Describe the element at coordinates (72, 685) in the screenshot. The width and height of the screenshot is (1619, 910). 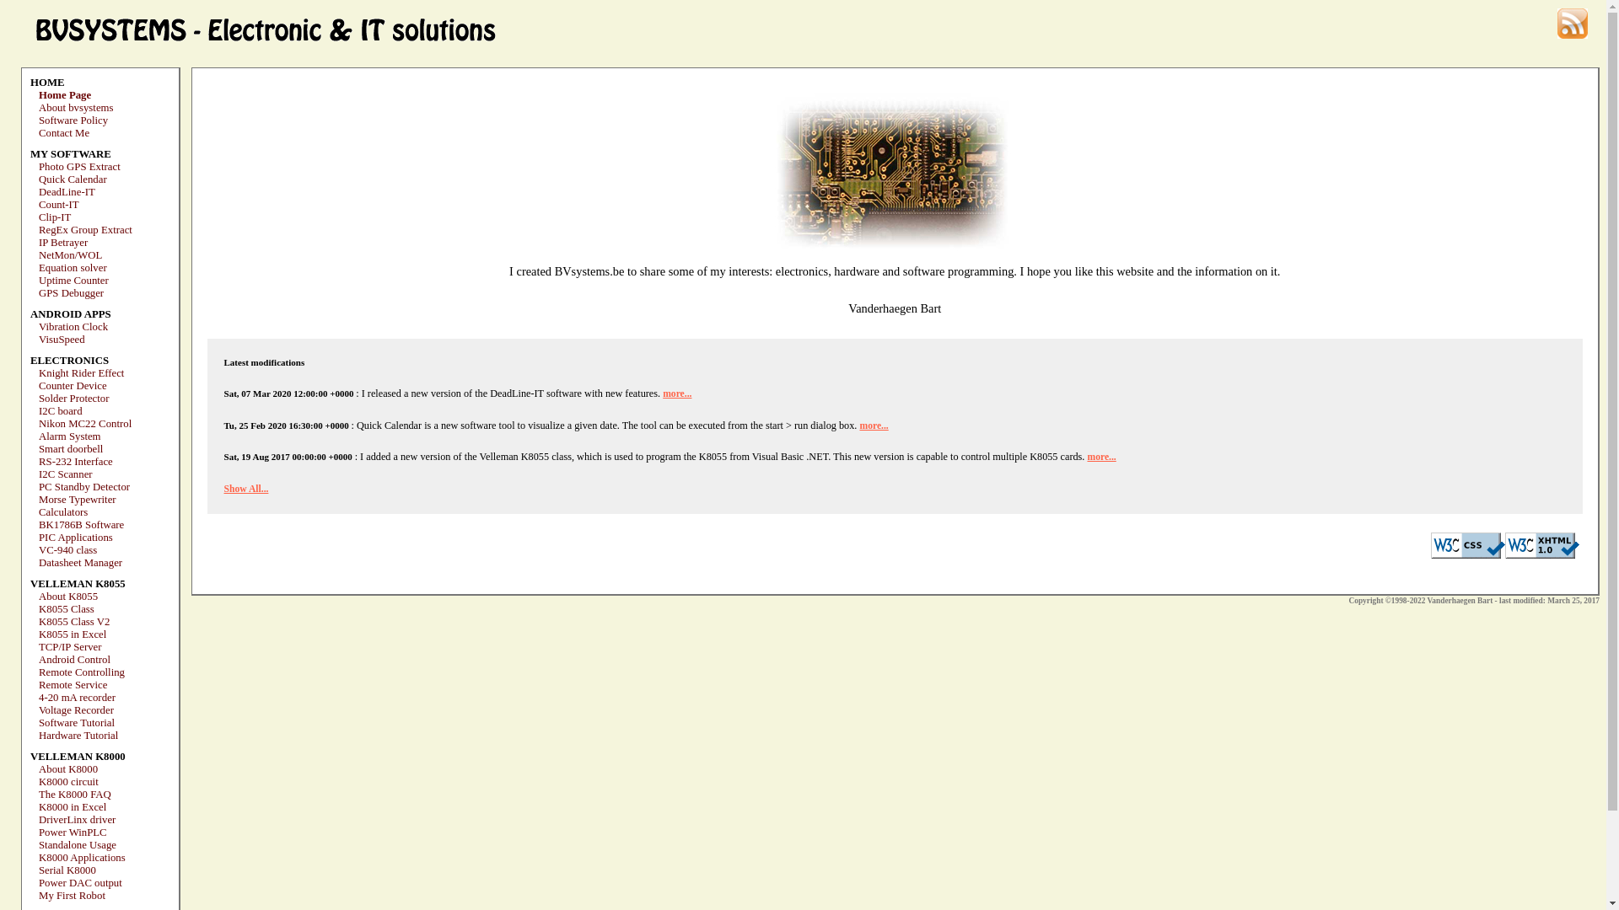
I see `'Remote Service'` at that location.